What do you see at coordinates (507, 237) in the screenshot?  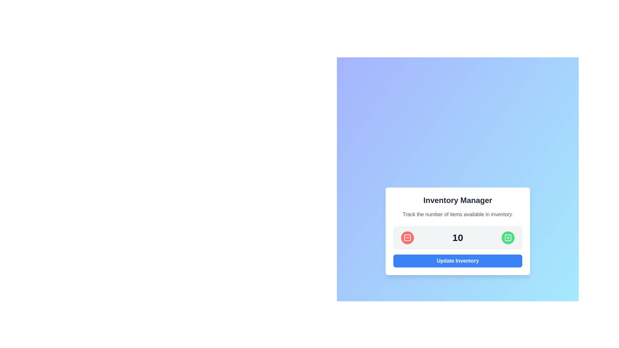 I see `the Icon button with a '+' symbol located at the bottom right of a card-like structure to increment a value` at bounding box center [507, 237].